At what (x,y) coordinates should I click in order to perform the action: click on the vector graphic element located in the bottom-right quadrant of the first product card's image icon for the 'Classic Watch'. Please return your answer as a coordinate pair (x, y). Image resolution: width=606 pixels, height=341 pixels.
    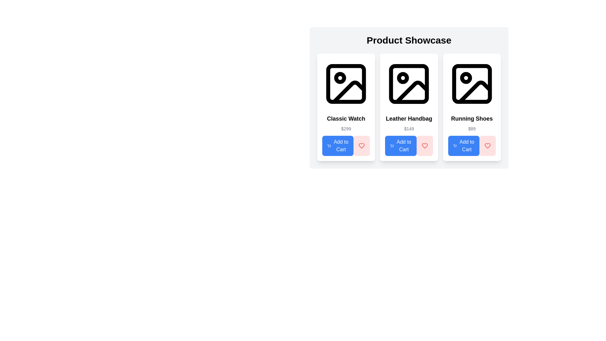
    Looking at the image, I should click on (349, 92).